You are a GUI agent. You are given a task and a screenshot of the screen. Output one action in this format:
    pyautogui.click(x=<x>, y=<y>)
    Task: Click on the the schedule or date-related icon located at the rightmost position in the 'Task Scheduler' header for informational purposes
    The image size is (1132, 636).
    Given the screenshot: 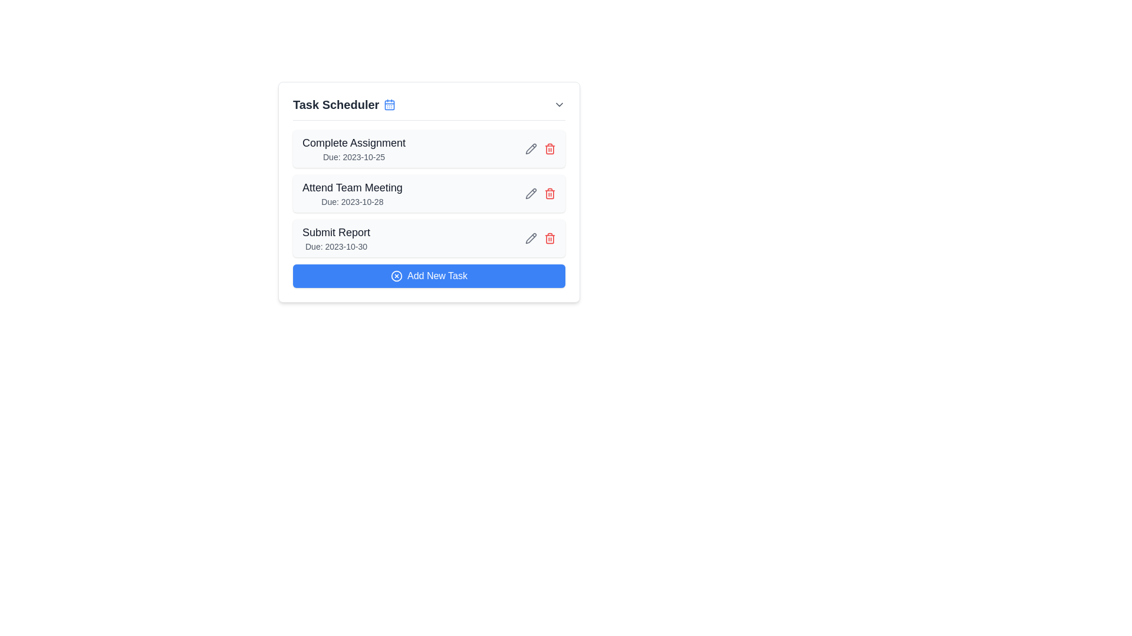 What is the action you would take?
    pyautogui.click(x=390, y=104)
    